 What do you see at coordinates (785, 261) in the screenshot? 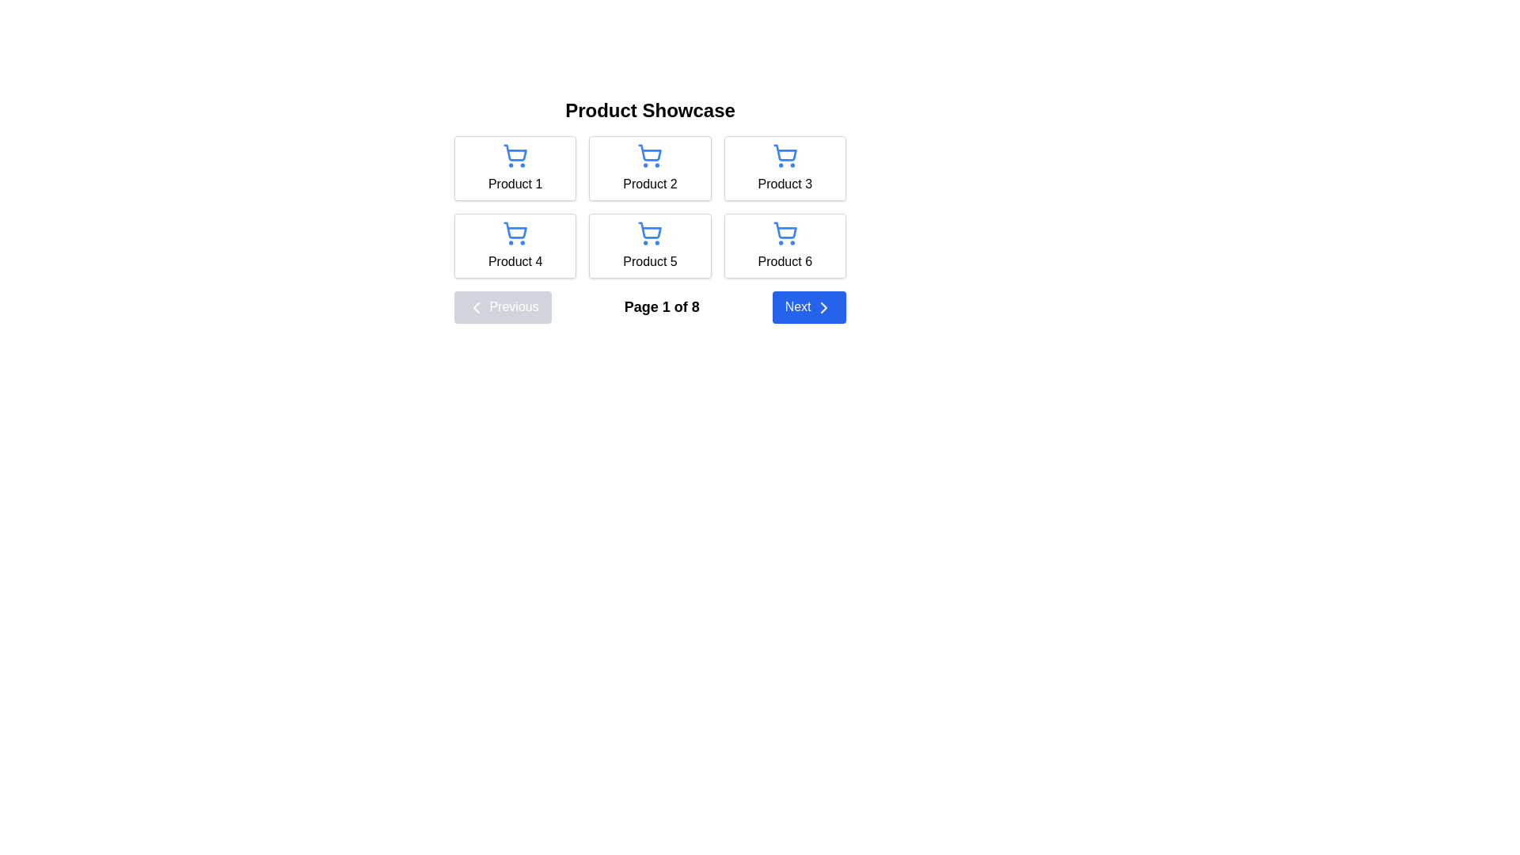
I see `text label displaying 'Product 6' located at the bottom center of the sixth card in the grid layout, underneath a shopping cart icon` at bounding box center [785, 261].